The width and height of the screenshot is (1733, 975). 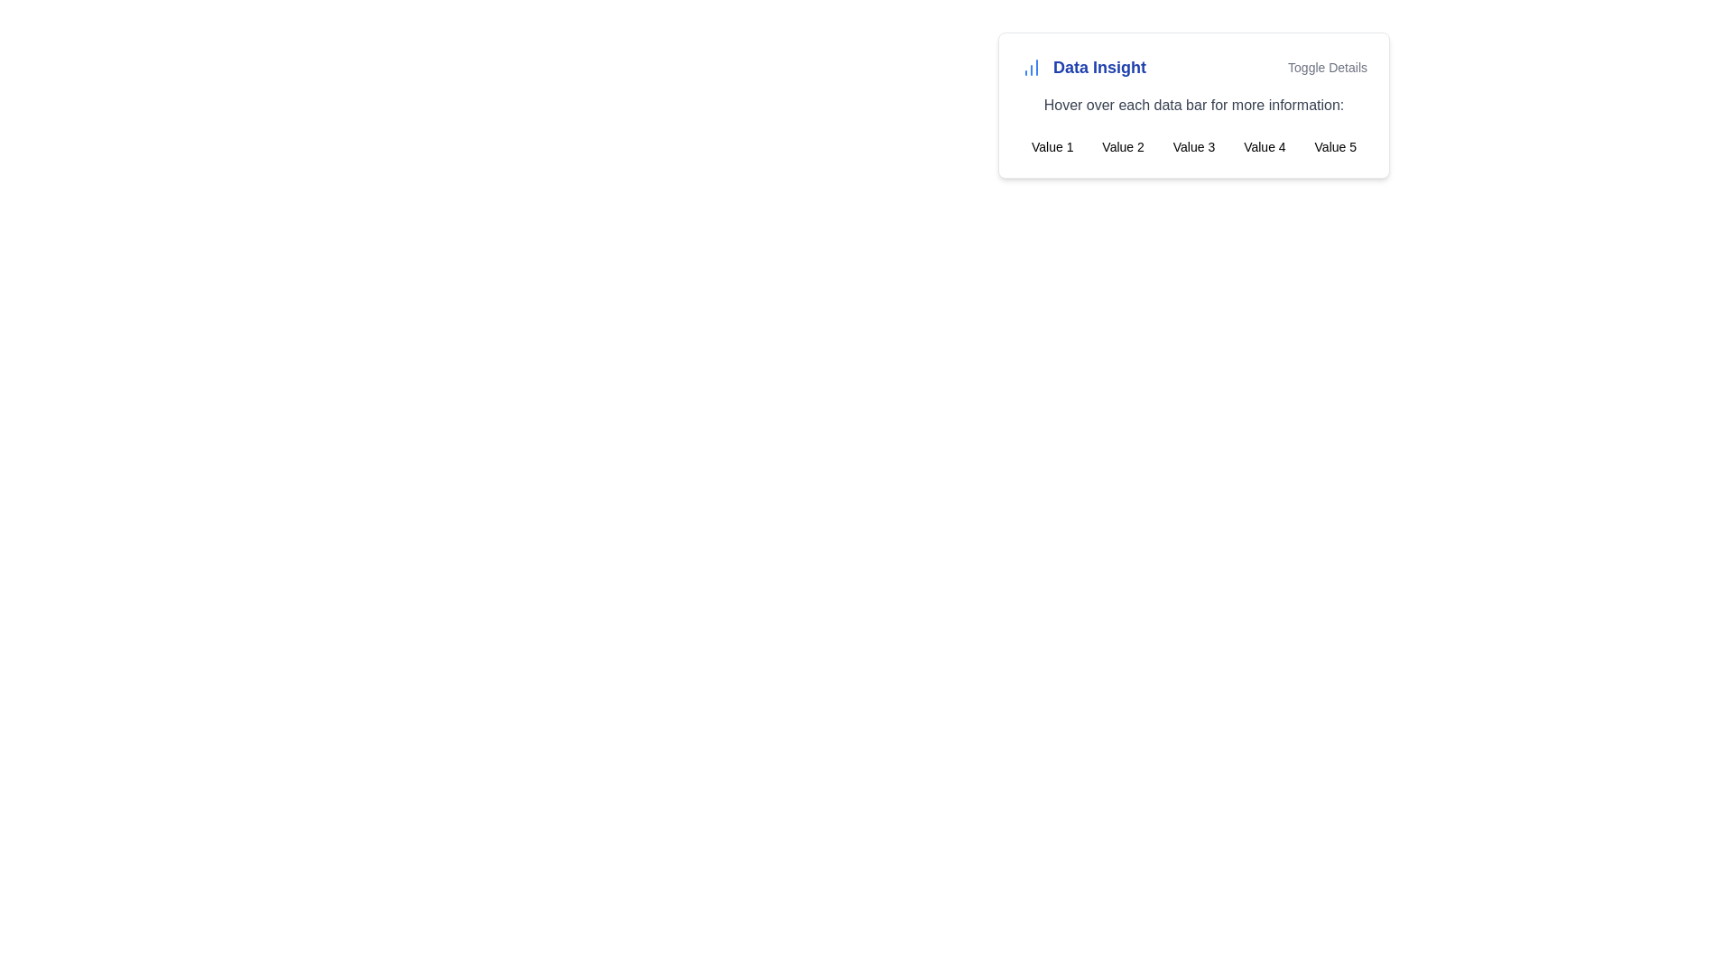 What do you see at coordinates (1083, 66) in the screenshot?
I see `the Label with integrated icon that serves as a title for the adjacent data visualization, providing context 'Data Insight'` at bounding box center [1083, 66].